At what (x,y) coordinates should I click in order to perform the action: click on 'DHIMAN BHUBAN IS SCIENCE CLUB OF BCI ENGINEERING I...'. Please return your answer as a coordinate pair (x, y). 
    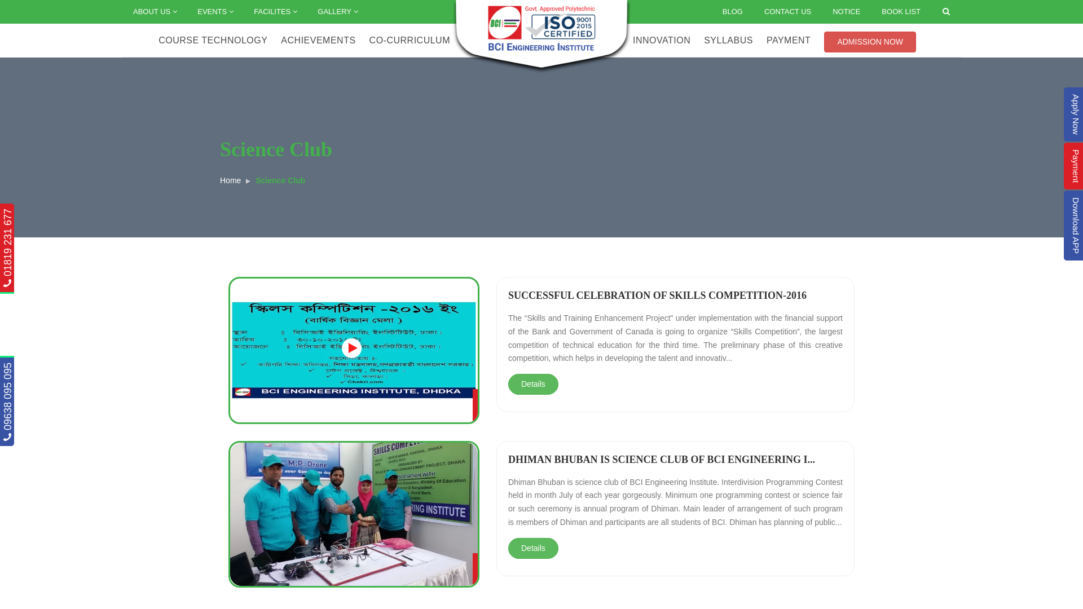
    Looking at the image, I should click on (661, 459).